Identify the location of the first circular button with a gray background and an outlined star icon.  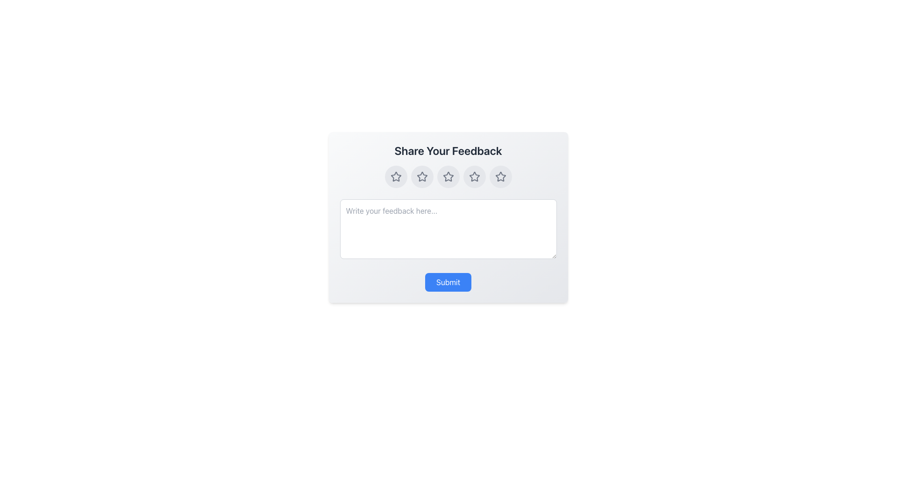
(396, 176).